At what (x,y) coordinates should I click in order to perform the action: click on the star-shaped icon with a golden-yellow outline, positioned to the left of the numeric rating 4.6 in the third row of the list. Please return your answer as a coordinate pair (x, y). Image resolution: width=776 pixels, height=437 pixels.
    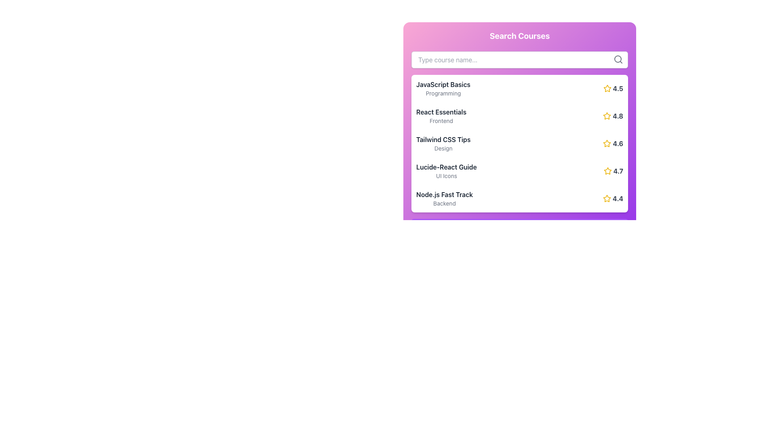
    Looking at the image, I should click on (607, 143).